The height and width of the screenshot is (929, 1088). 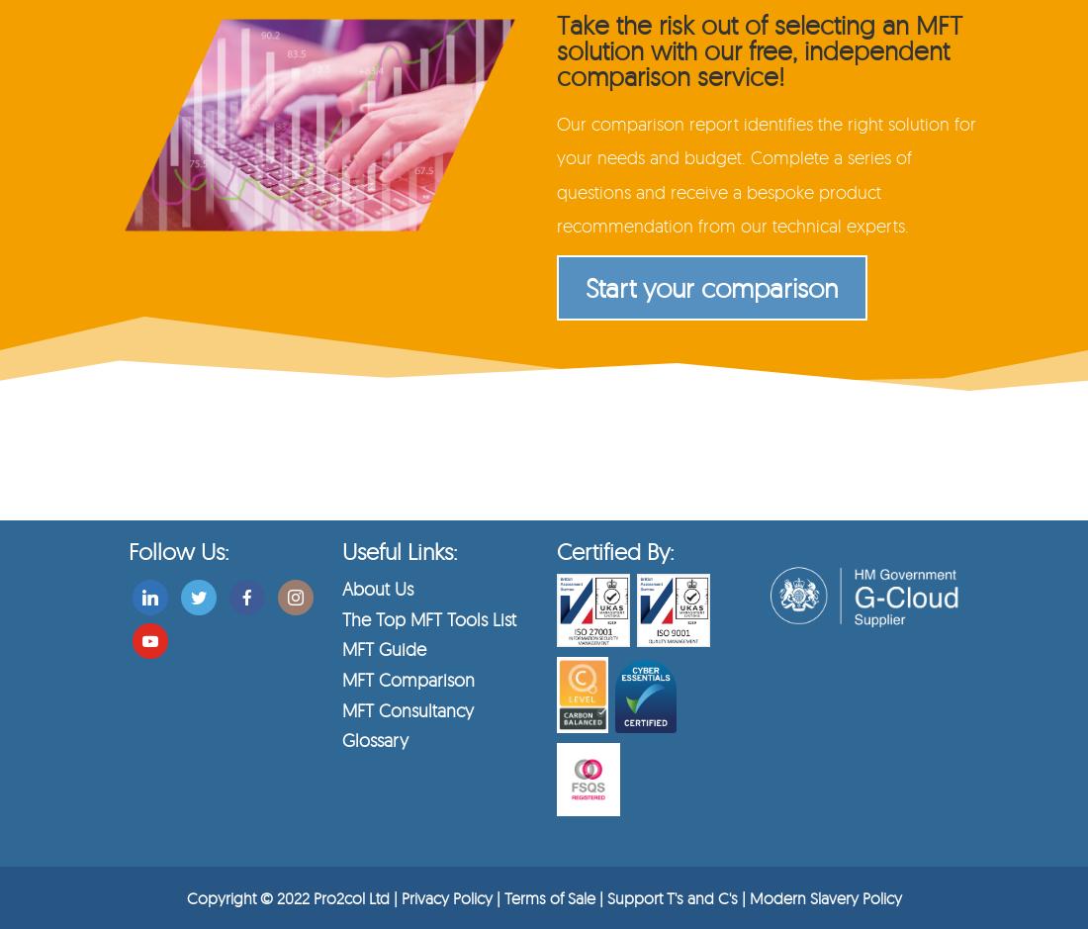 What do you see at coordinates (384, 648) in the screenshot?
I see `'MFT Guide'` at bounding box center [384, 648].